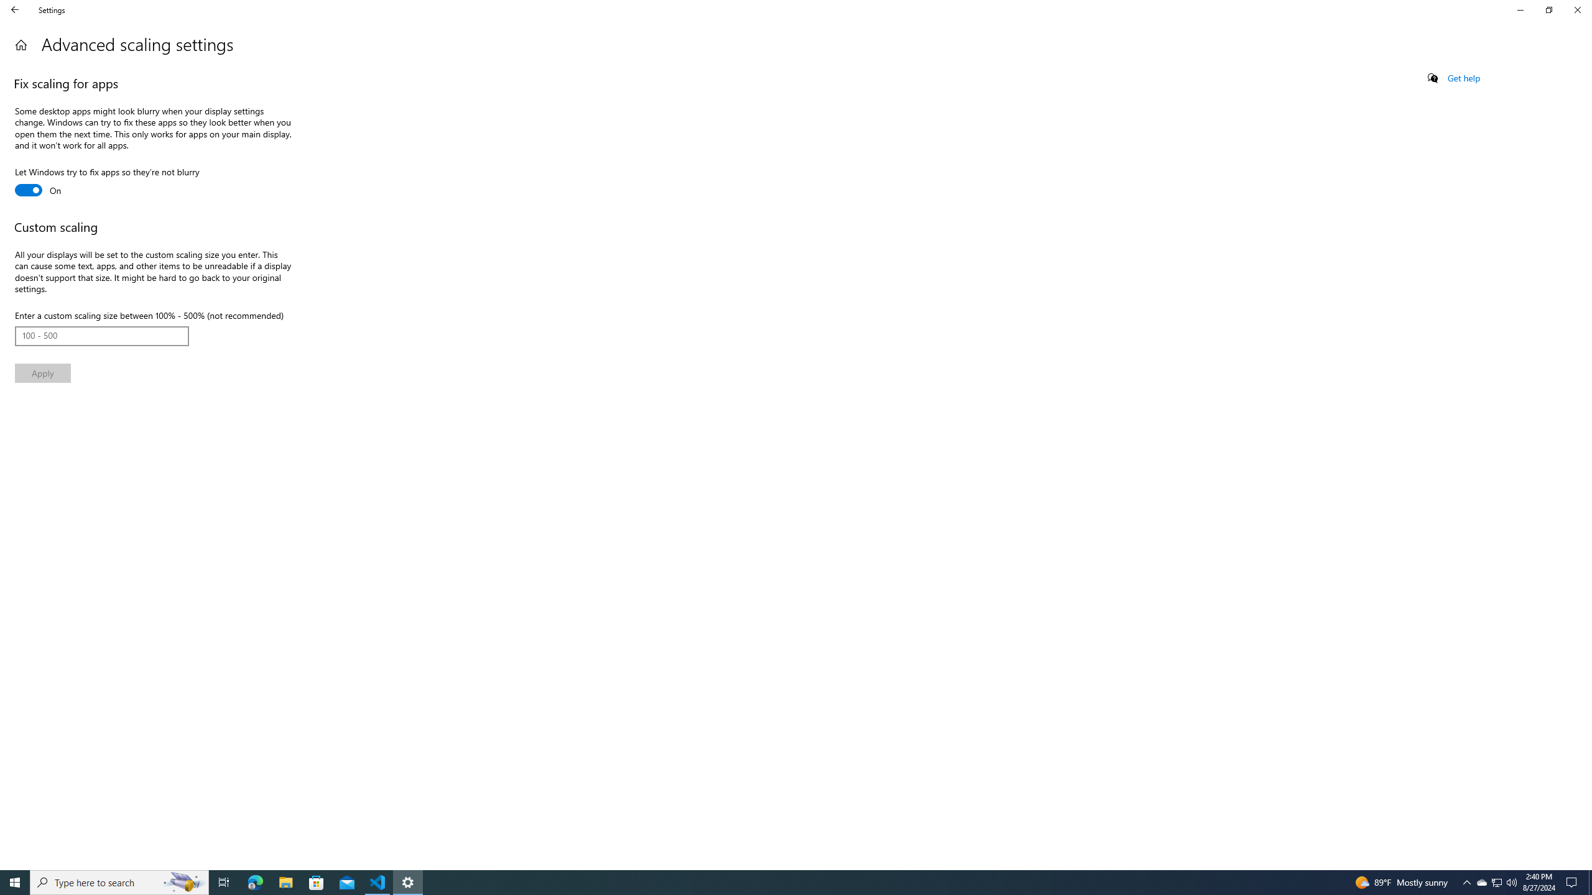 The height and width of the screenshot is (895, 1592). I want to click on 'Minimize Settings', so click(1519, 9).